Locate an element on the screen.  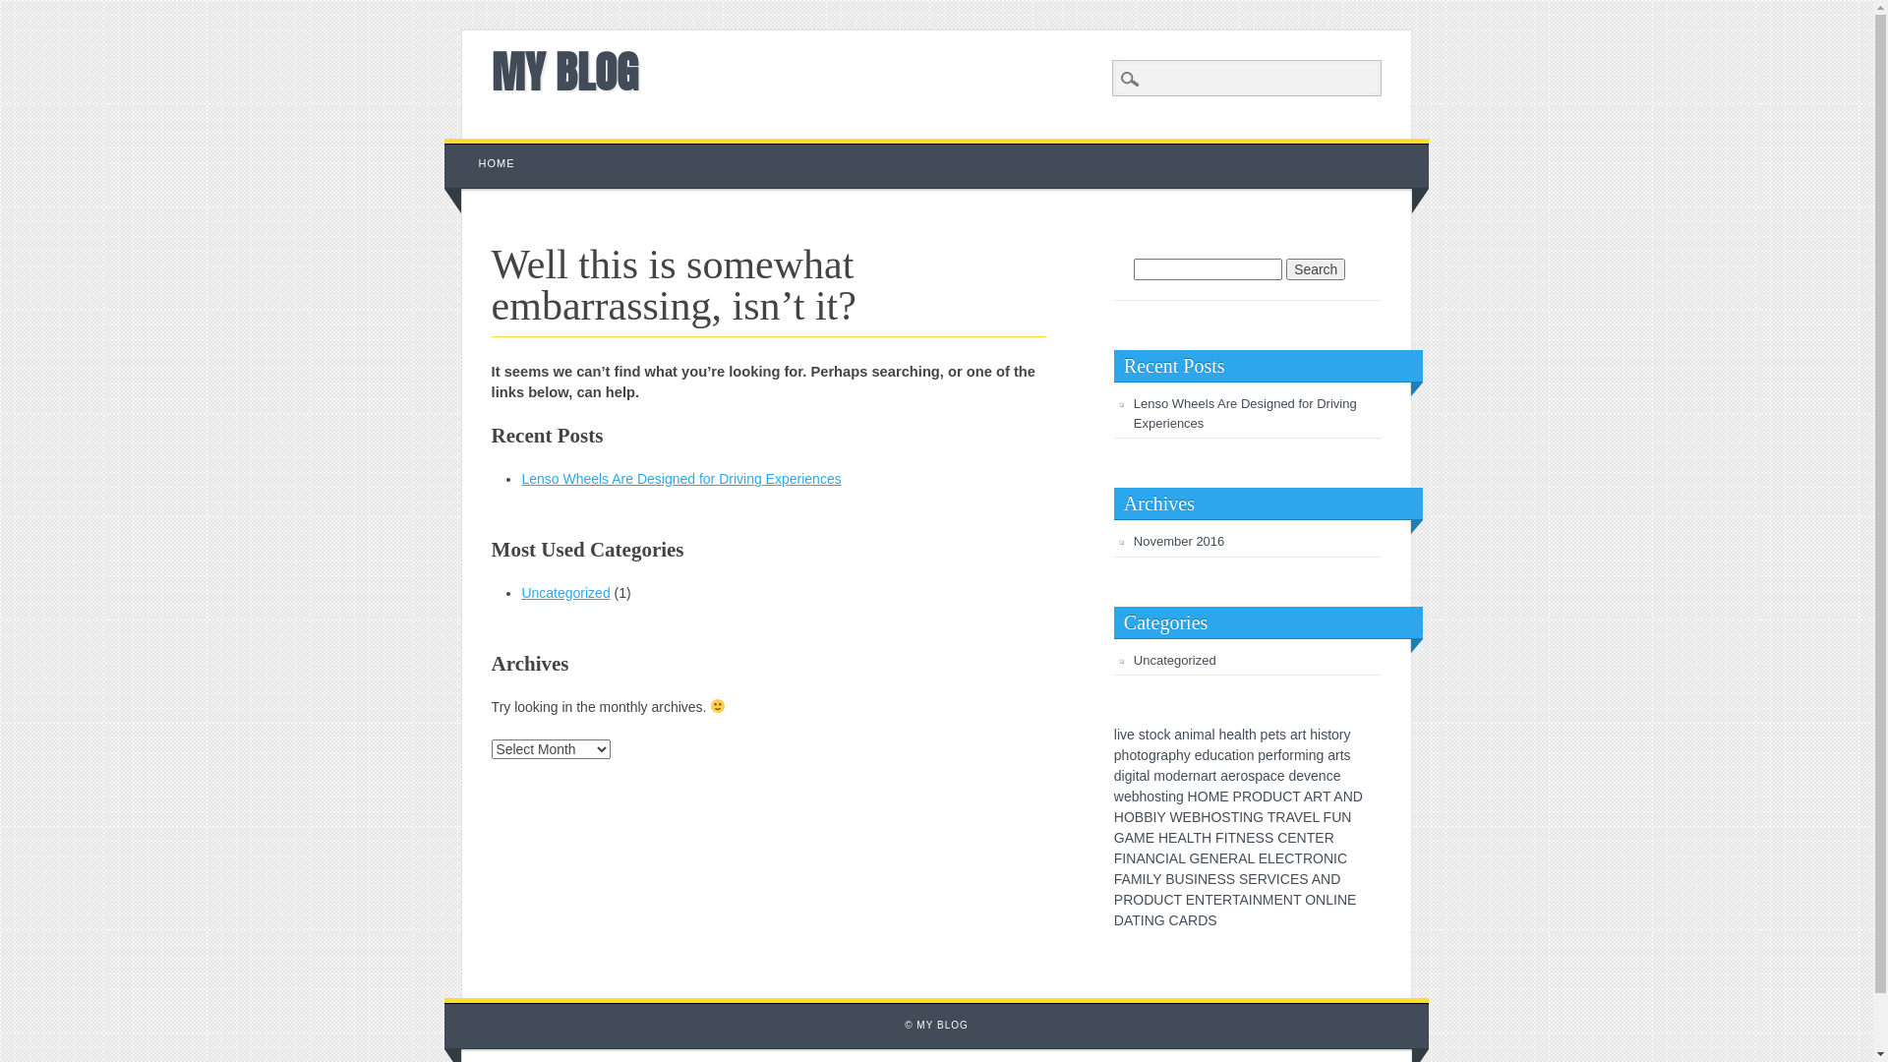
'f' is located at coordinates (1279, 753).